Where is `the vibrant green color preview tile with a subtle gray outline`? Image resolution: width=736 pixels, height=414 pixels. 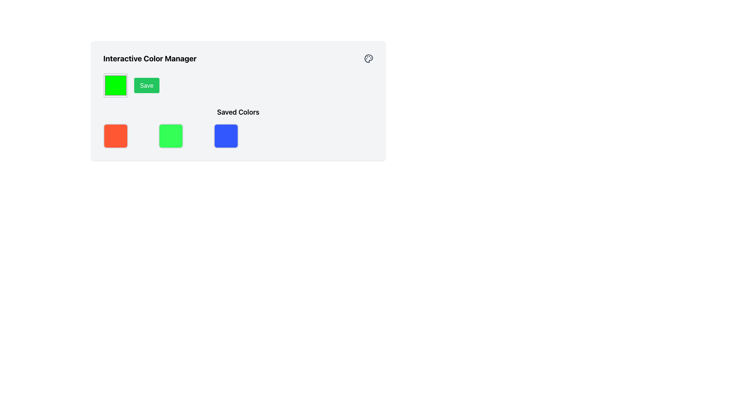 the vibrant green color preview tile with a subtle gray outline is located at coordinates (115, 85).